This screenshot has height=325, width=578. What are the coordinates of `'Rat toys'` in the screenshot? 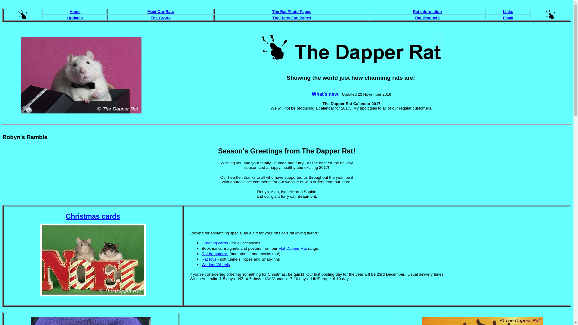 It's located at (209, 259).